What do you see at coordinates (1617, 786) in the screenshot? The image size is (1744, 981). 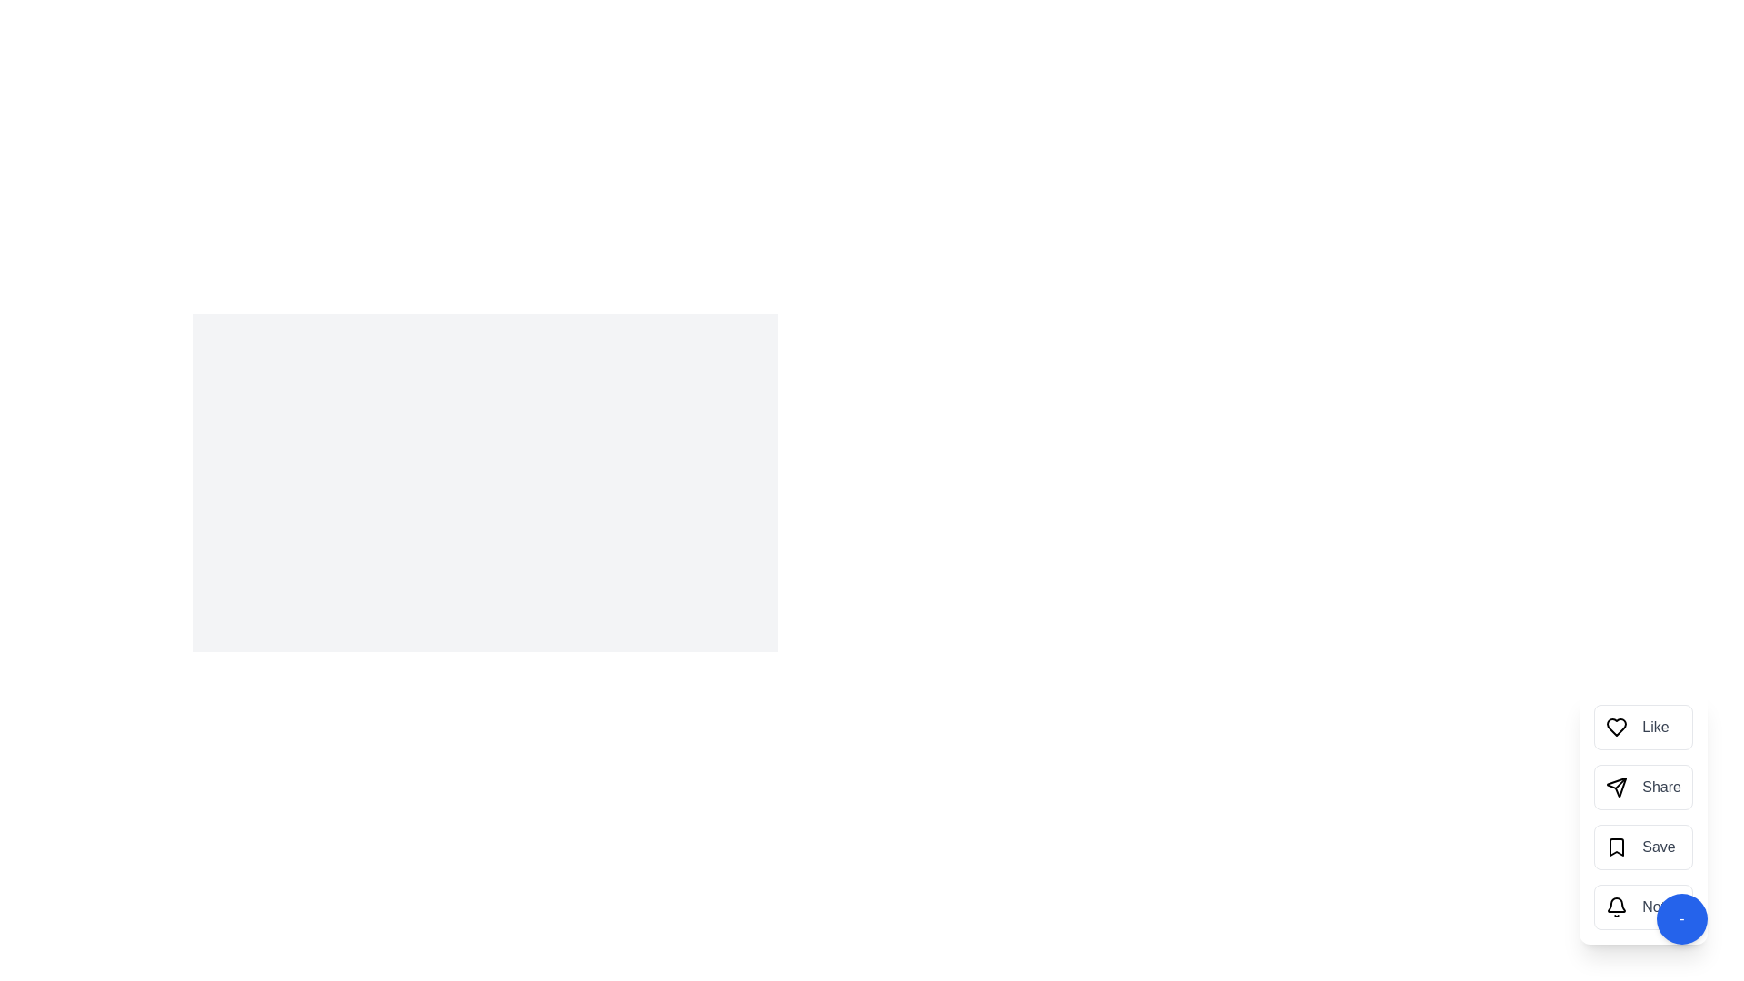 I see `the upper-left segment of the 'Share' button icon, which resembles a minimalistic arrow shape` at bounding box center [1617, 786].